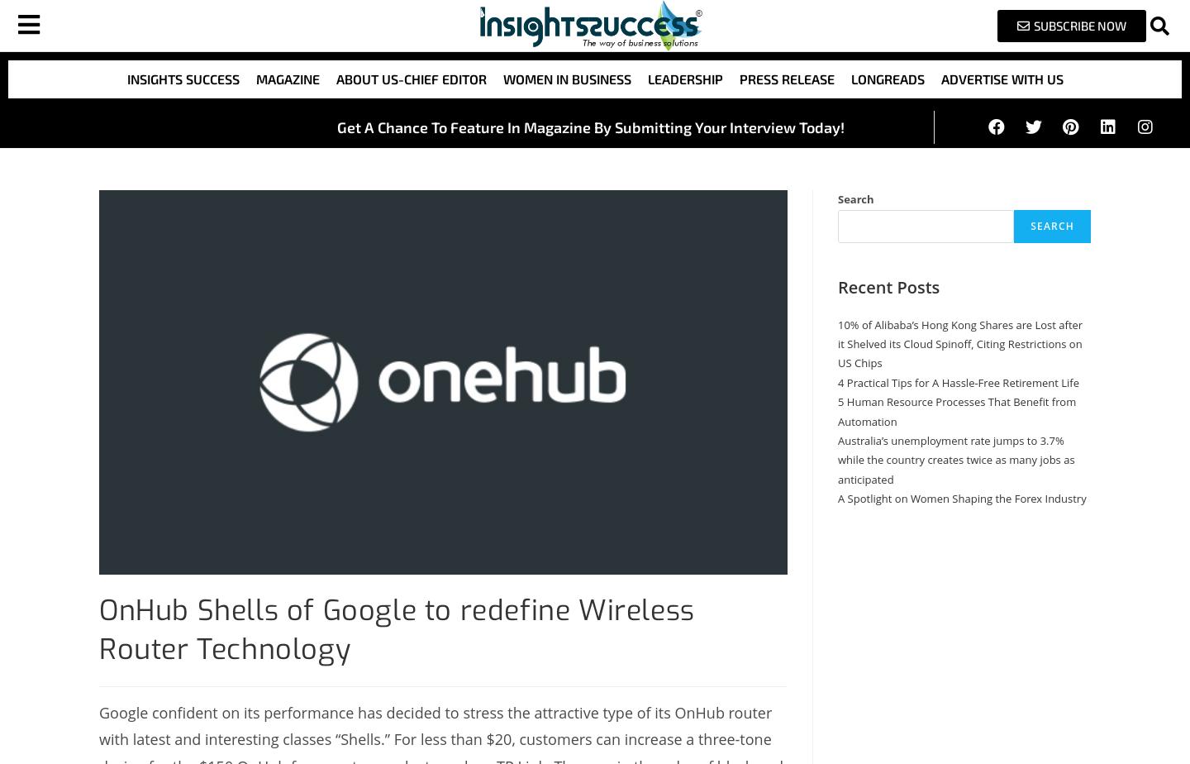  I want to click on 'Leadership', so click(684, 79).